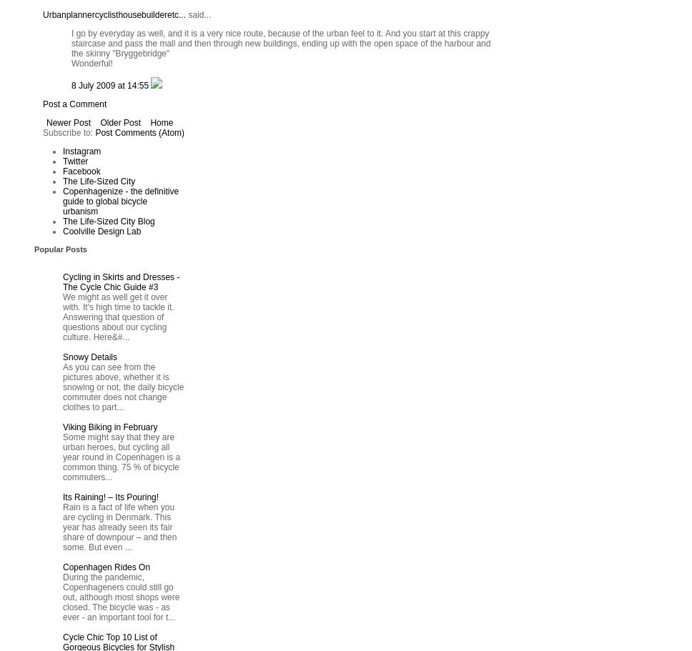  I want to click on 'said...', so click(198, 15).